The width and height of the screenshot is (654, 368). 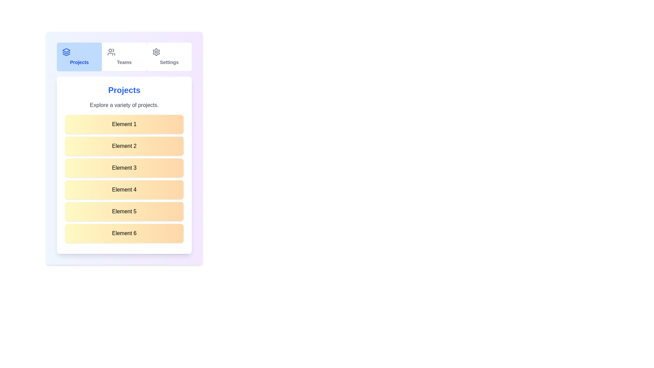 What do you see at coordinates (124, 211) in the screenshot?
I see `the list item labeled 'Element 5'` at bounding box center [124, 211].